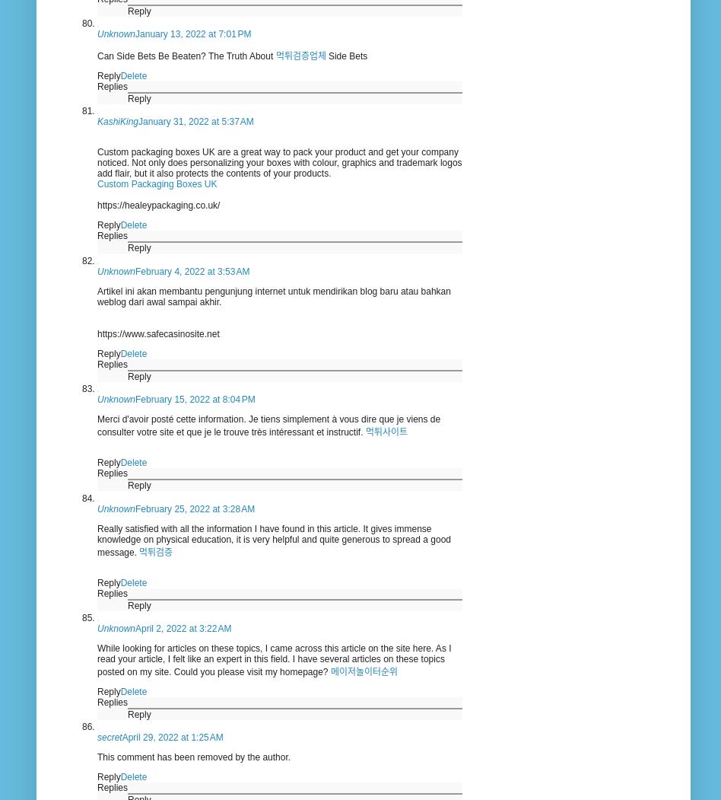 The width and height of the screenshot is (721, 800). I want to click on 'KashiKing', so click(116, 120).